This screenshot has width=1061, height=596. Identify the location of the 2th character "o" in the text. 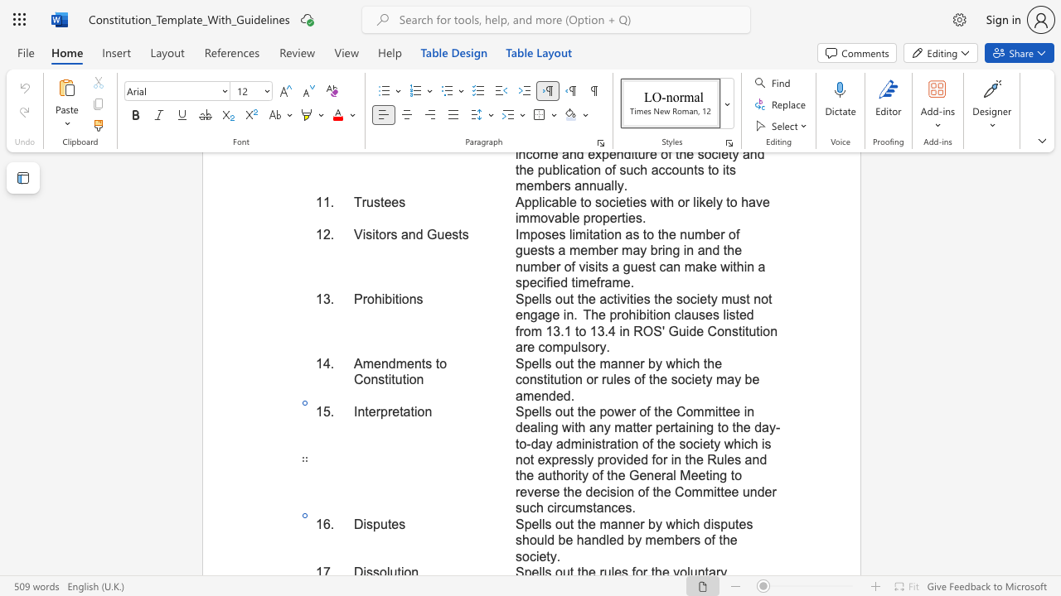
(366, 379).